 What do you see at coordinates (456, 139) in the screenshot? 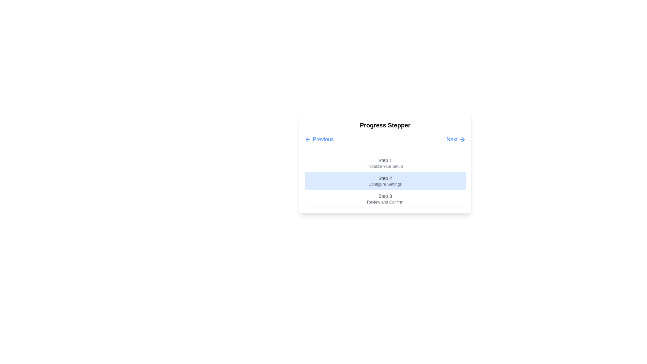
I see `the 'Next' button, which is styled in blue and features a right-arrow icon, located at the bottom-right corner of the card-like component` at bounding box center [456, 139].